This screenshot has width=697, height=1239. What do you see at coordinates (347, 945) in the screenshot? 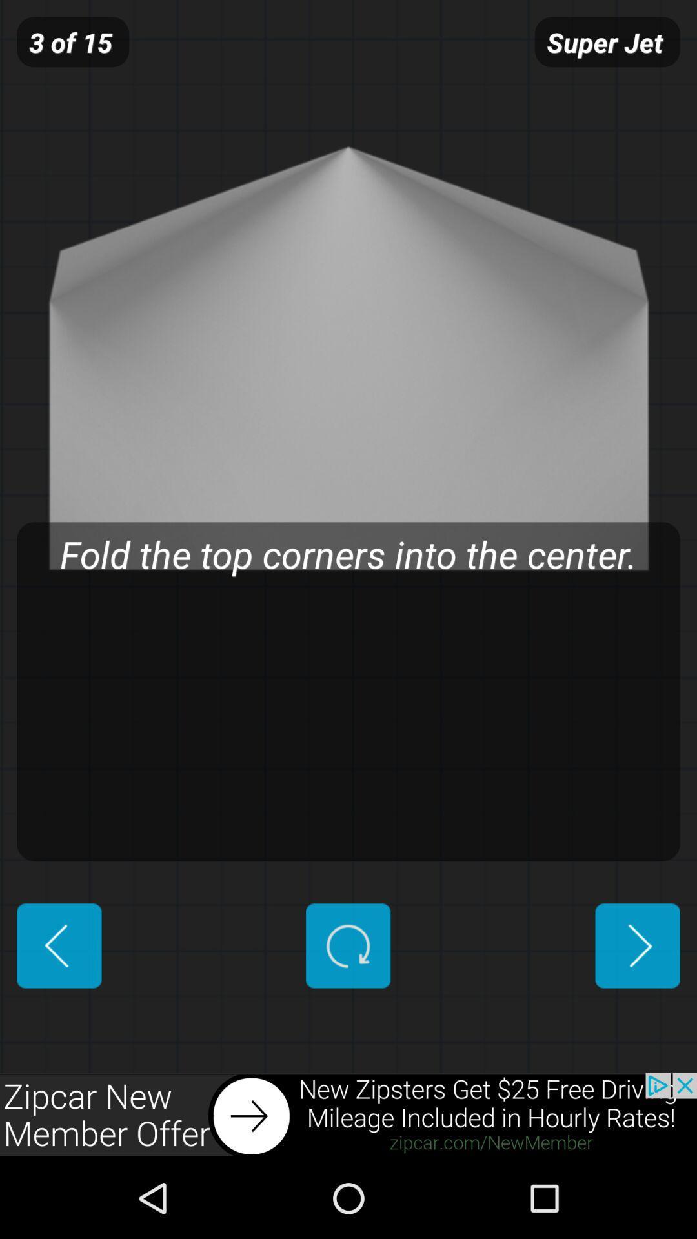
I see `refresh page` at bounding box center [347, 945].